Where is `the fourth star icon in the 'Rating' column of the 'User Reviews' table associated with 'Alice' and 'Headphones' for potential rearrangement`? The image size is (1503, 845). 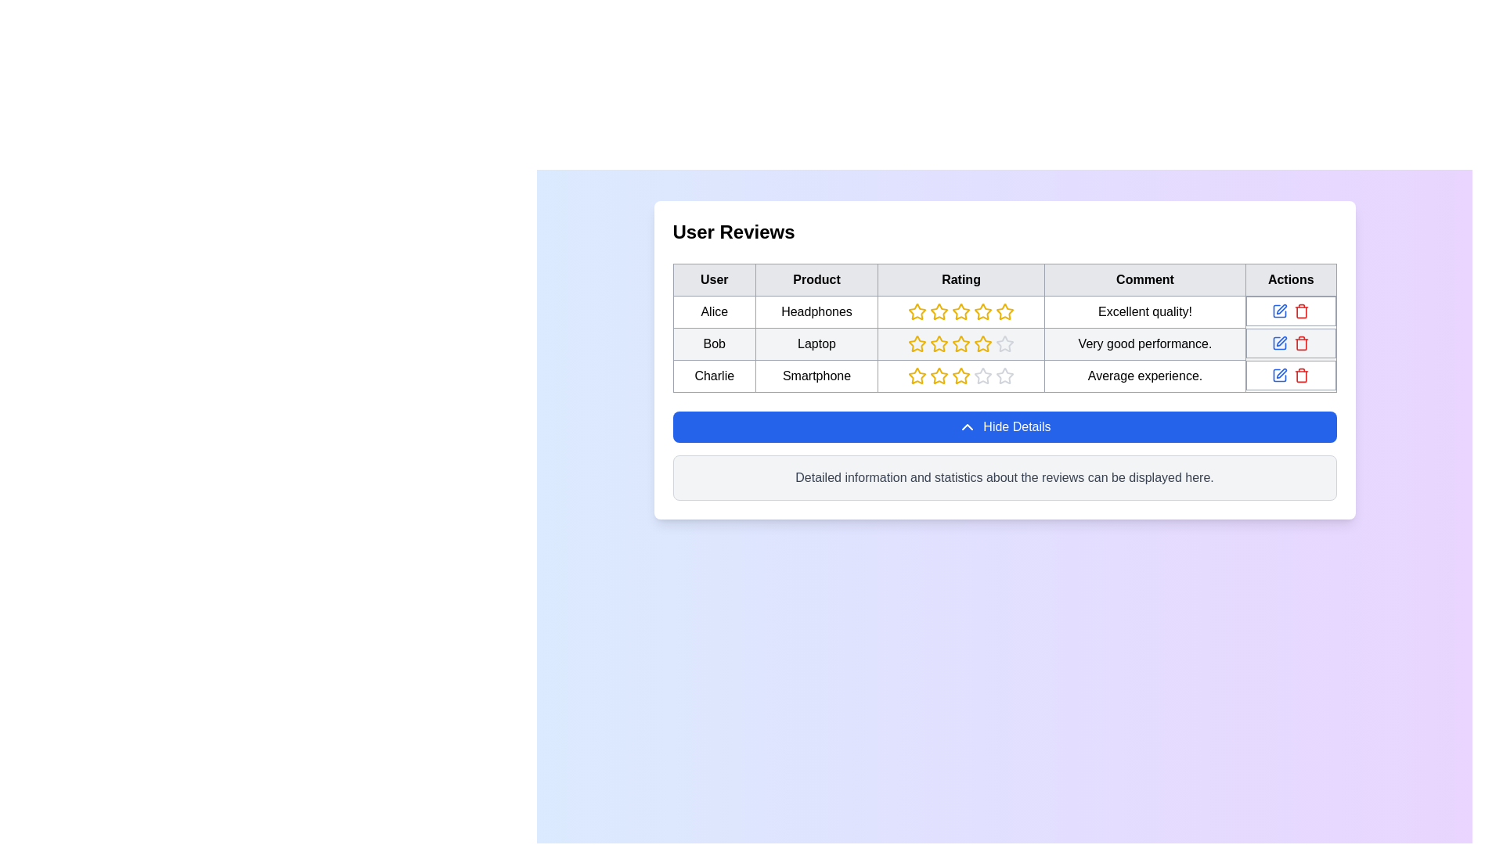
the fourth star icon in the 'Rating' column of the 'User Reviews' table associated with 'Alice' and 'Headphones' for potential rearrangement is located at coordinates (982, 311).